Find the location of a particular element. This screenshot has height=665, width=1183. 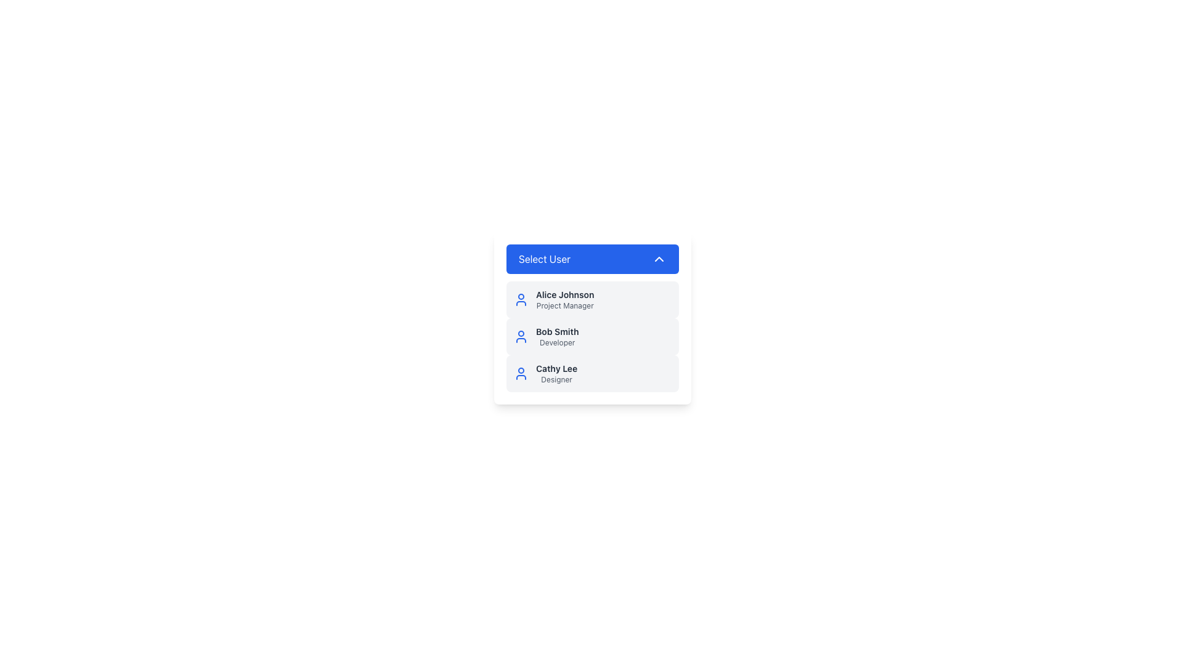

the text label indicating the job title 'Designer' associated with user 'Cathy Lee', which is positioned directly below her name in the user card list is located at coordinates (556, 379).